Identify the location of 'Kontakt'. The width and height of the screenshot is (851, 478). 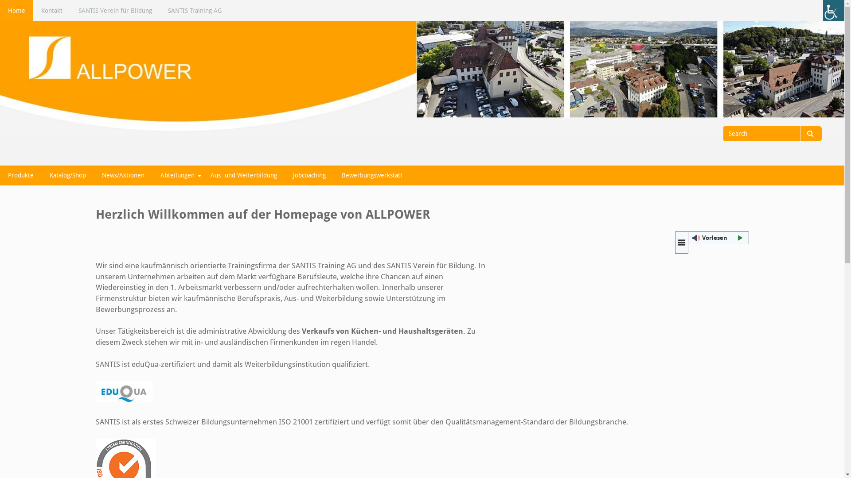
(33, 10).